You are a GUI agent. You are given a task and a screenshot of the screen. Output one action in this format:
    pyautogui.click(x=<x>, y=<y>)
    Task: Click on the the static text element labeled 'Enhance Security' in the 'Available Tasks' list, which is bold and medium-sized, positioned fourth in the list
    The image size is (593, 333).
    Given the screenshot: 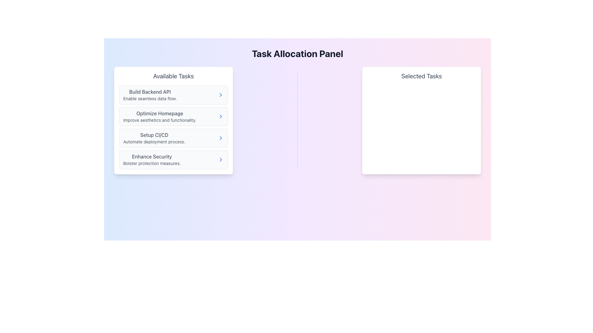 What is the action you would take?
    pyautogui.click(x=152, y=156)
    